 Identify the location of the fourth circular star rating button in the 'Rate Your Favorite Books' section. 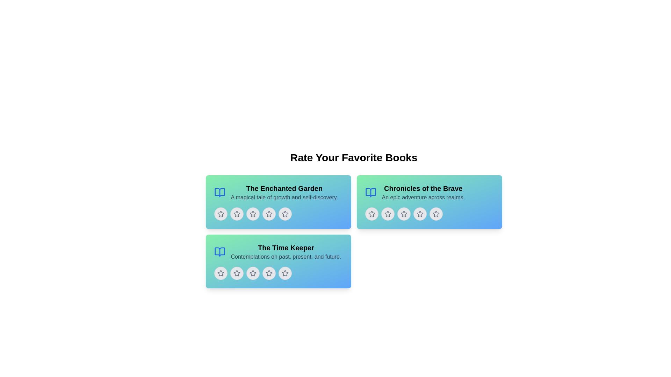
(268, 214).